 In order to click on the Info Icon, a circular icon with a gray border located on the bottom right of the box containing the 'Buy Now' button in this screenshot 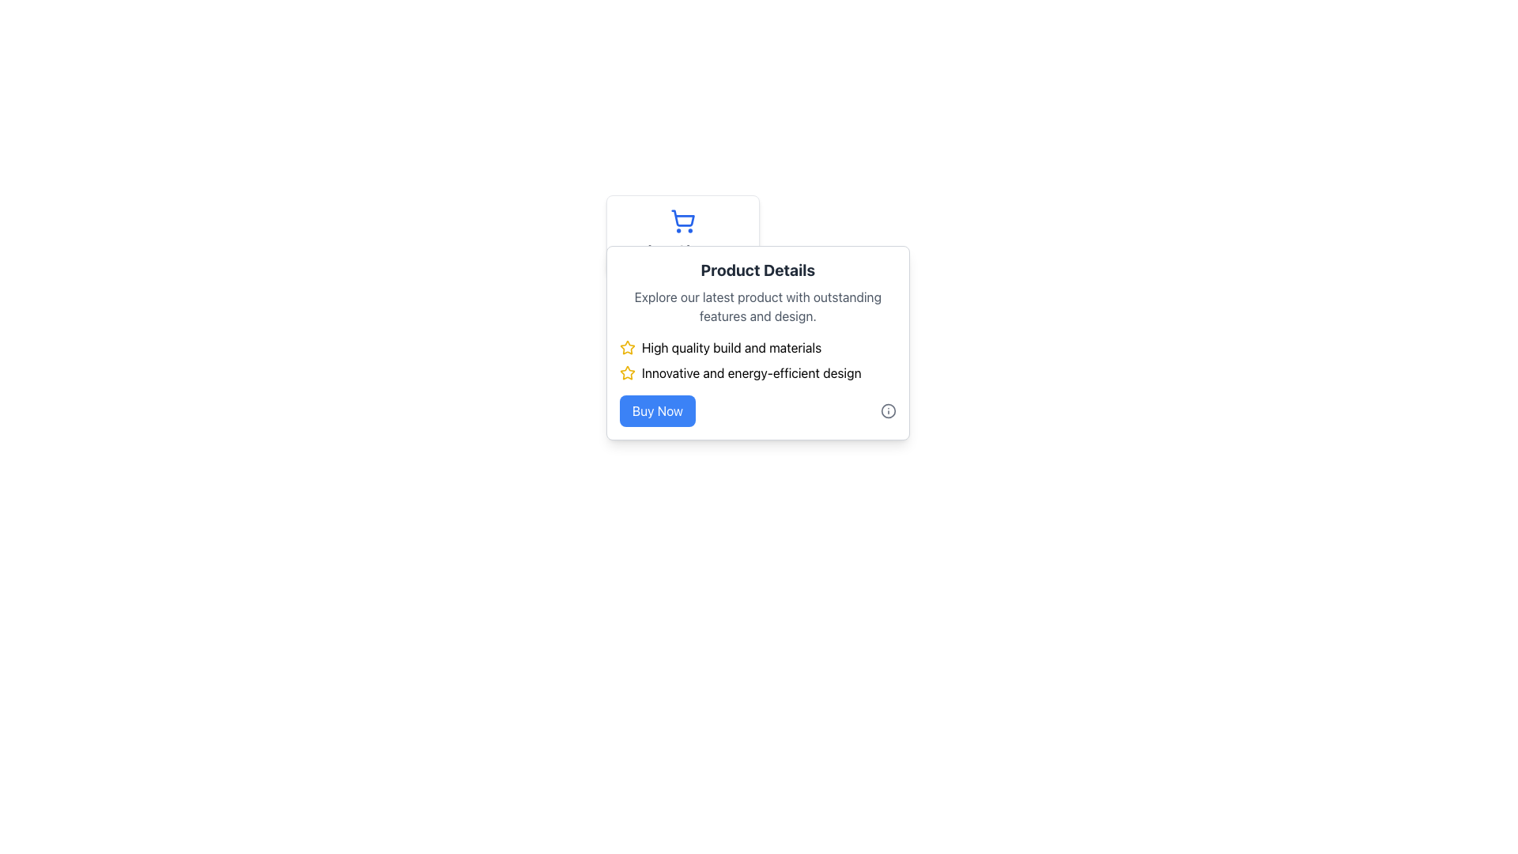, I will do `click(888, 410)`.